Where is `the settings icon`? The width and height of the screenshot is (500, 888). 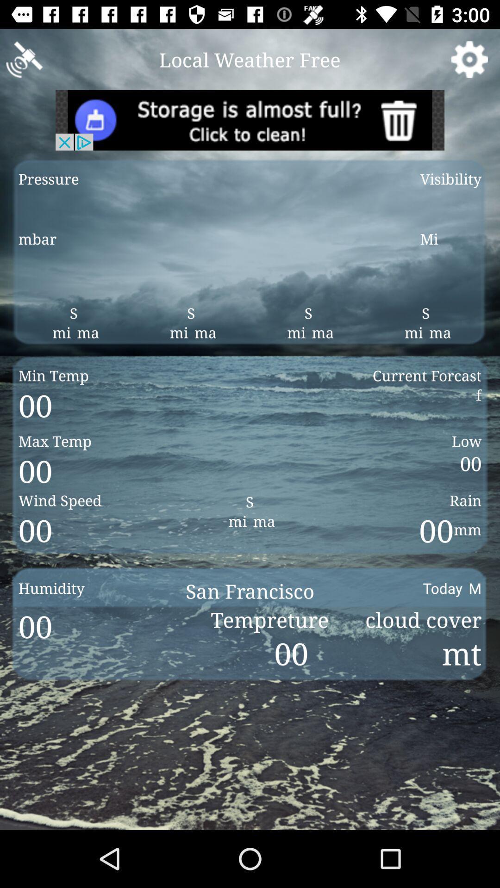
the settings icon is located at coordinates (469, 59).